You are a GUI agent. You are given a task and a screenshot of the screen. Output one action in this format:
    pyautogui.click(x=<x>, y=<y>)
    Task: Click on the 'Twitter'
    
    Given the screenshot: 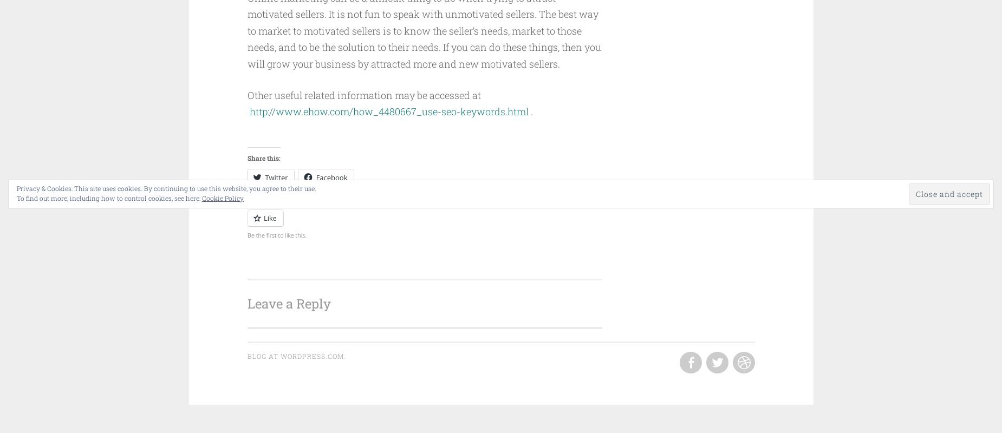 What is the action you would take?
    pyautogui.click(x=276, y=177)
    